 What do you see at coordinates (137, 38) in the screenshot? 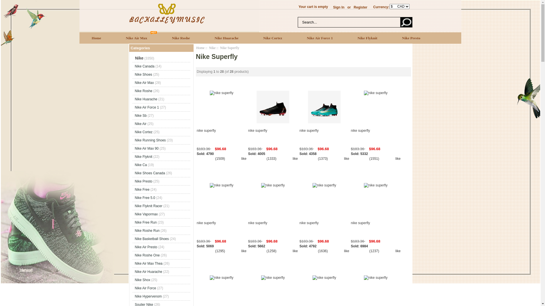
I see `'Nike Air Max'` at bounding box center [137, 38].